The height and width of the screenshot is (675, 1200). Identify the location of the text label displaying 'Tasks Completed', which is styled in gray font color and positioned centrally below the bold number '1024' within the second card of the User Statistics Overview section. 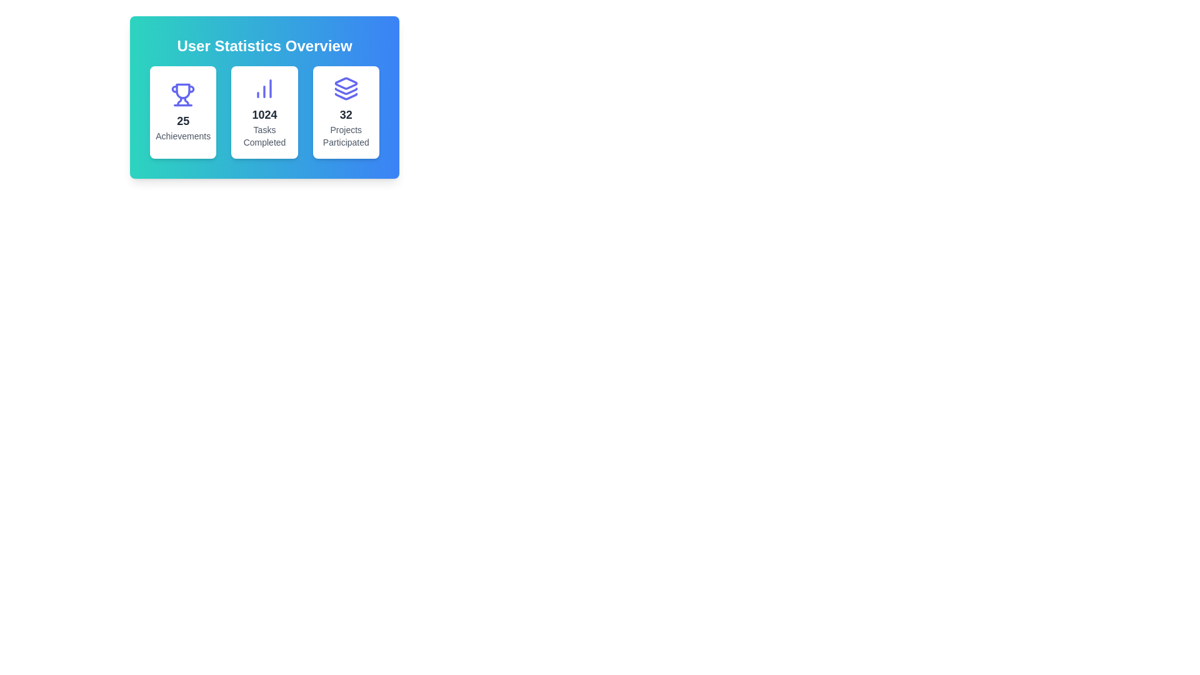
(264, 136).